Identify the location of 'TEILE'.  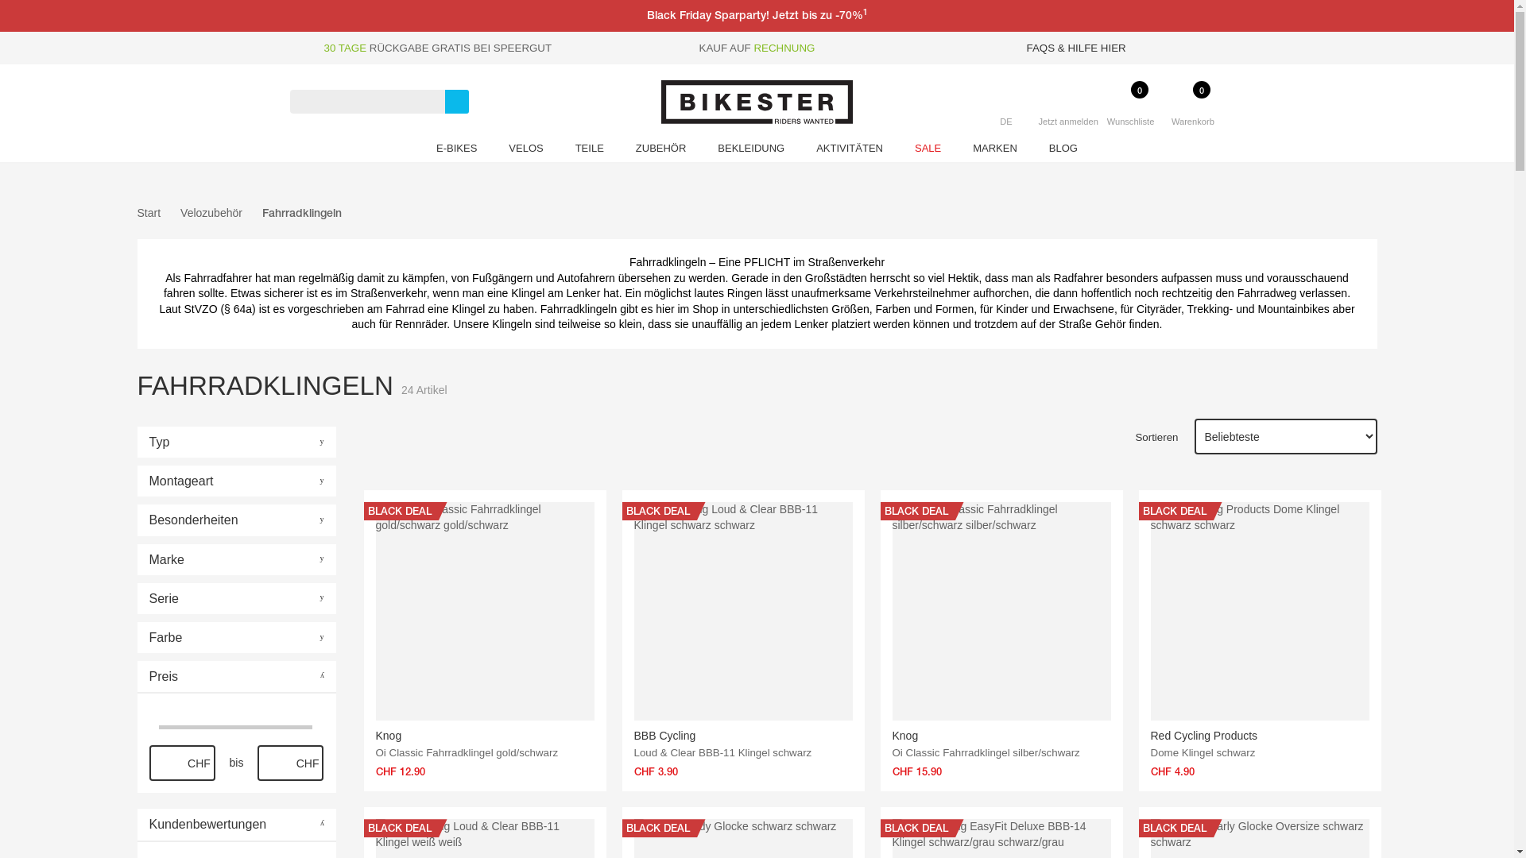
(589, 150).